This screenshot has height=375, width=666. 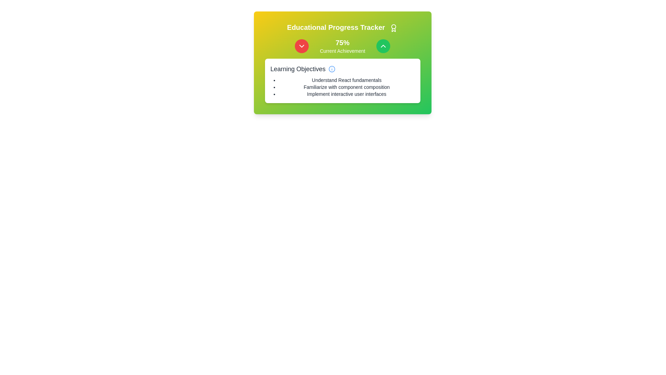 What do you see at coordinates (347, 94) in the screenshot?
I see `the text label that reads 'Implement interactive user interfaces', which is the third item in the vertical bulleted list under the 'Learning Objectives' section` at bounding box center [347, 94].